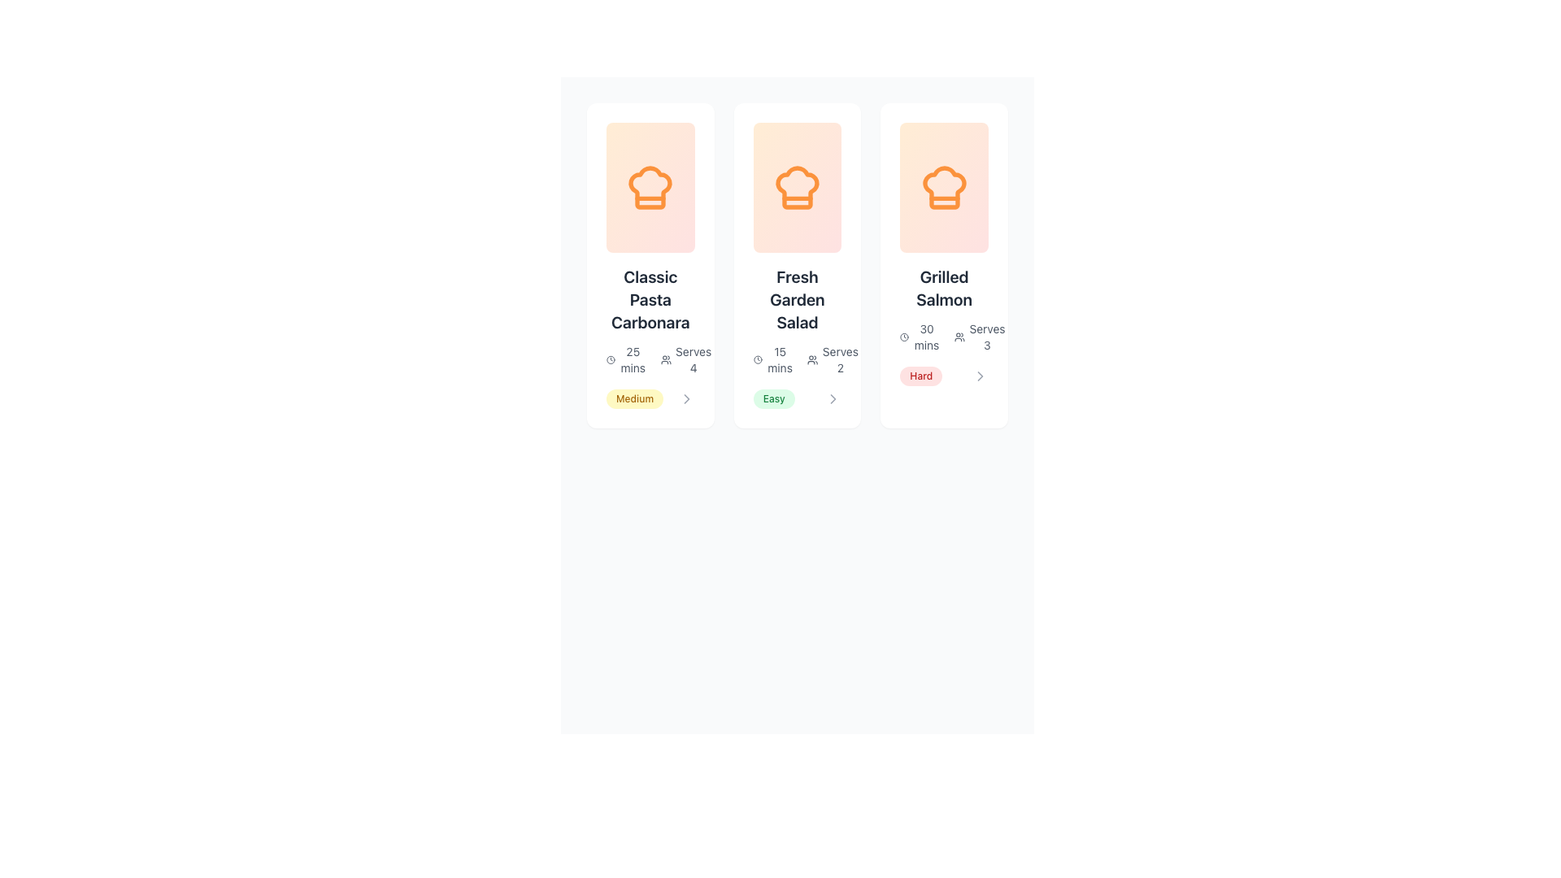  I want to click on text element indicating the number of servings in the bottom right corner of the second card in the card list, so click(686, 359).